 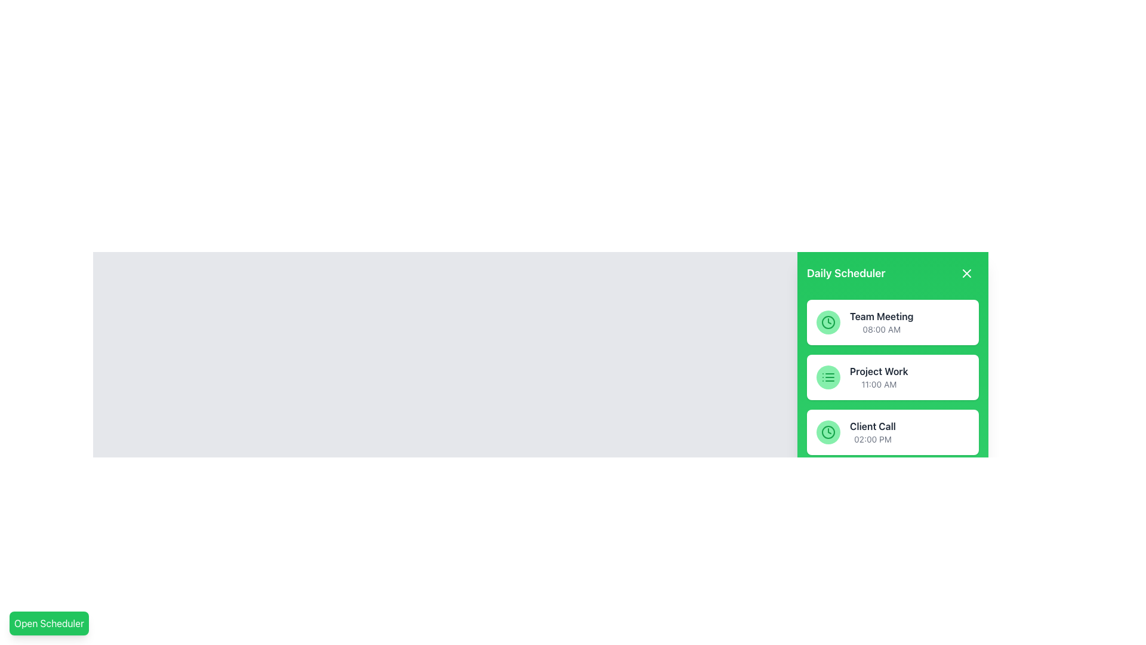 What do you see at coordinates (882, 329) in the screenshot?
I see `the text label that displays the scheduled time of the 'Team Meeting' event, located beneath the event title in the 'Daily Scheduler' interface` at bounding box center [882, 329].